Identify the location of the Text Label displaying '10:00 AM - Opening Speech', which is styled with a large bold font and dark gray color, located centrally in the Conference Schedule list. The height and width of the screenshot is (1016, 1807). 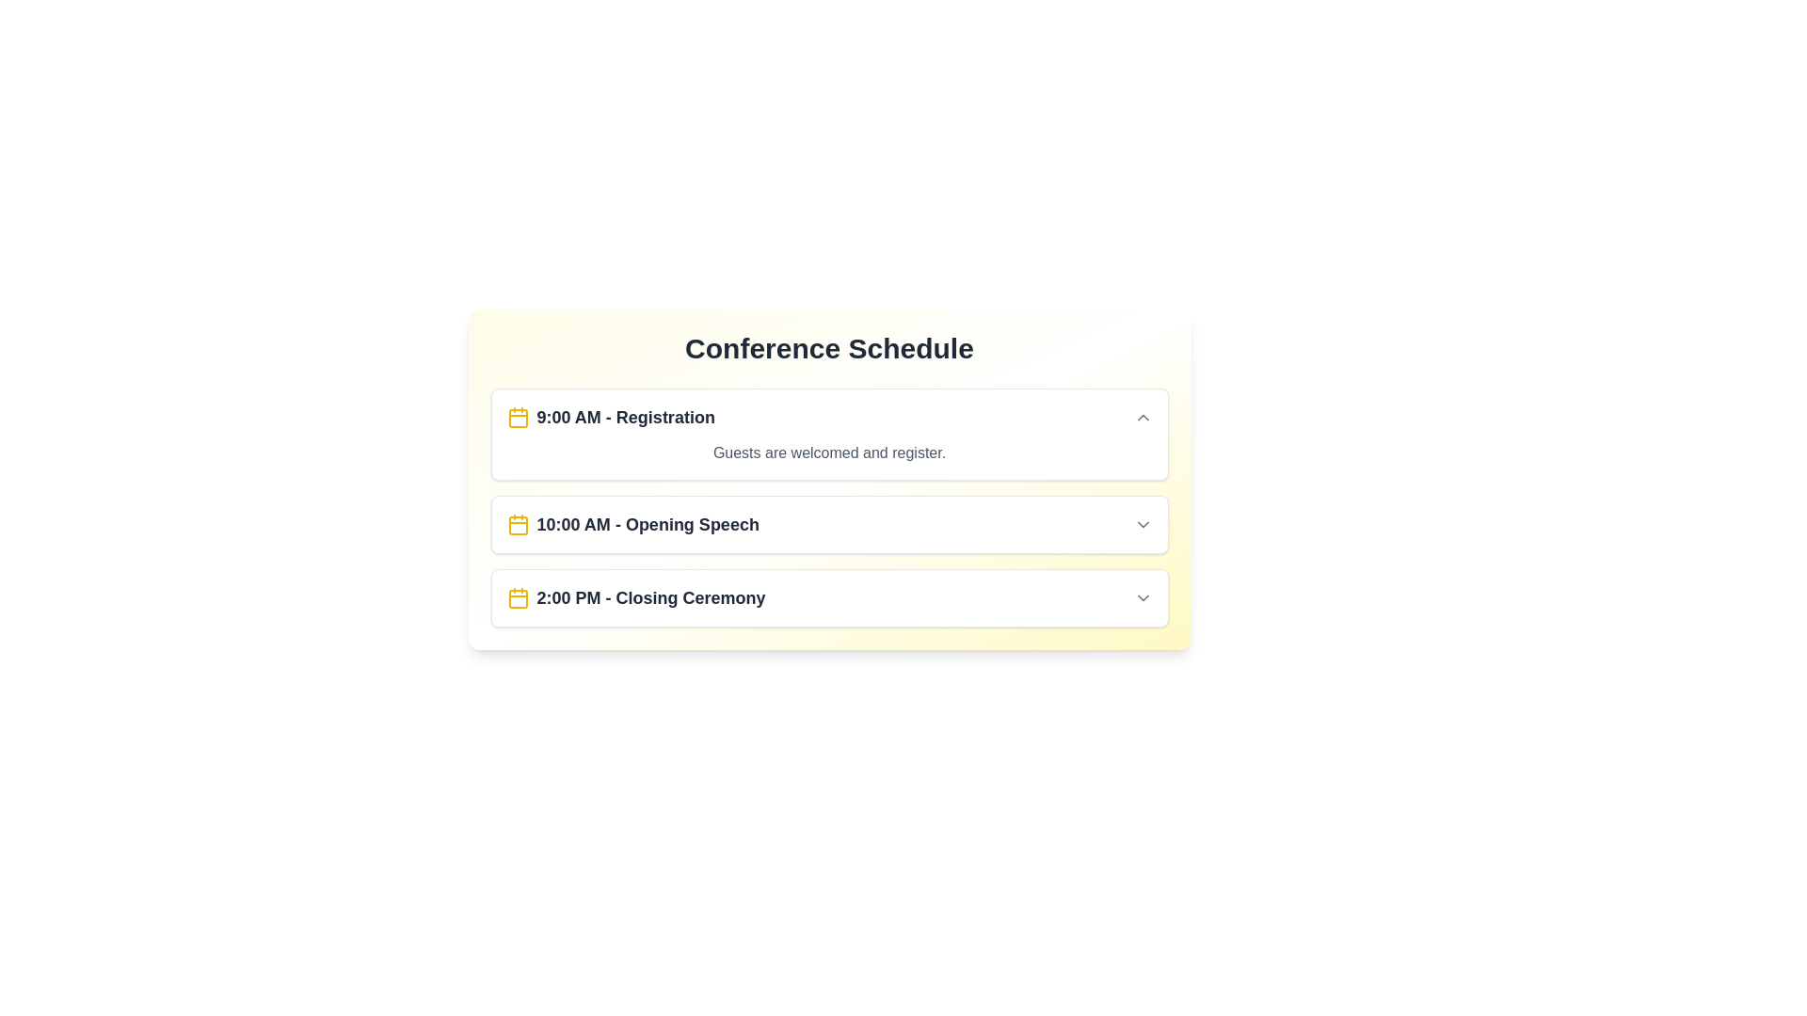
(648, 525).